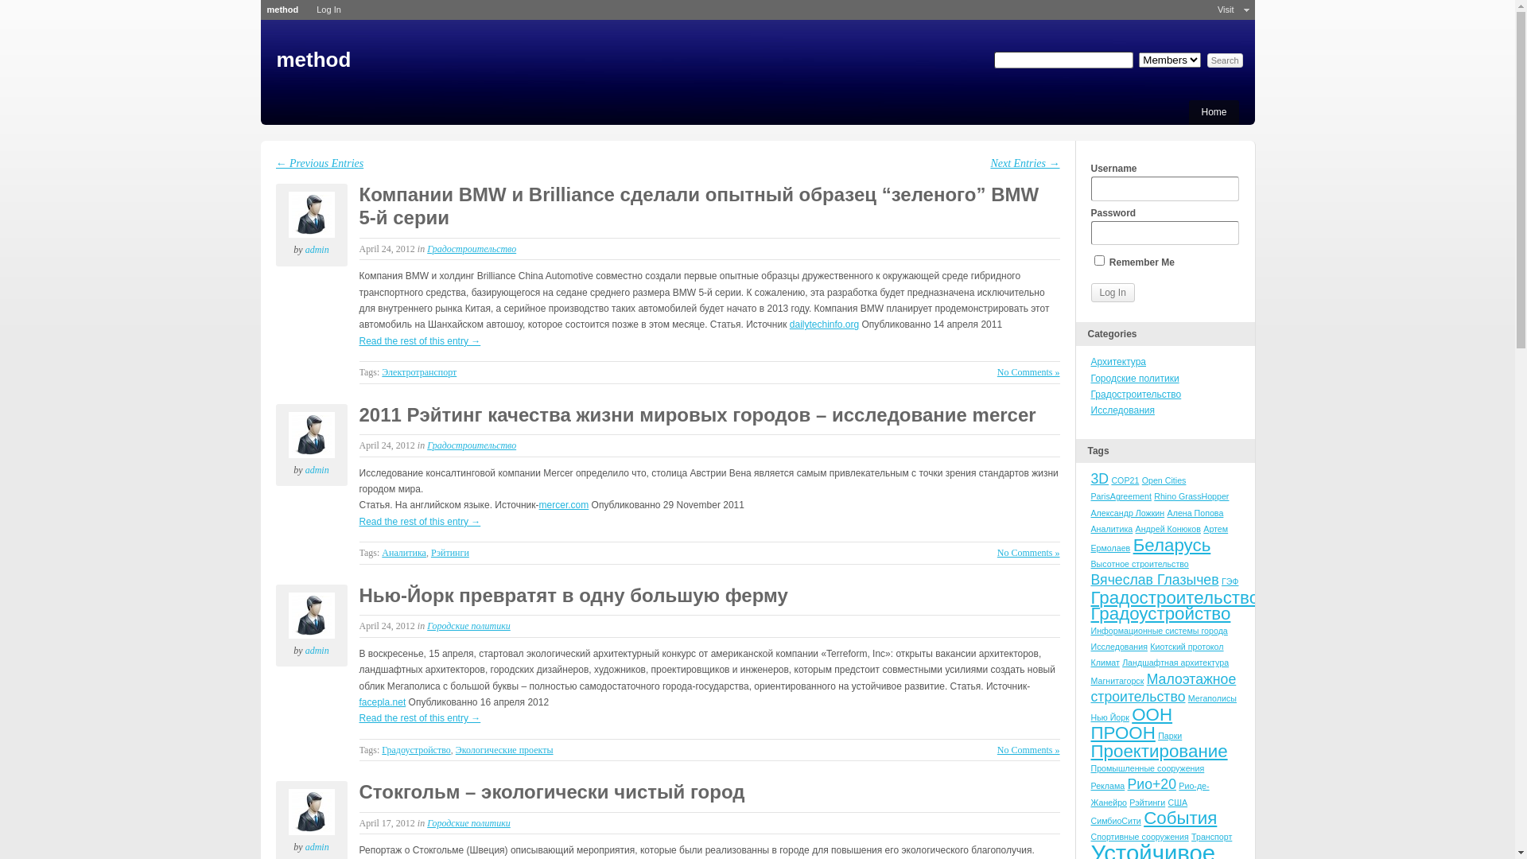 The height and width of the screenshot is (859, 1527). What do you see at coordinates (305, 249) in the screenshot?
I see `'admin'` at bounding box center [305, 249].